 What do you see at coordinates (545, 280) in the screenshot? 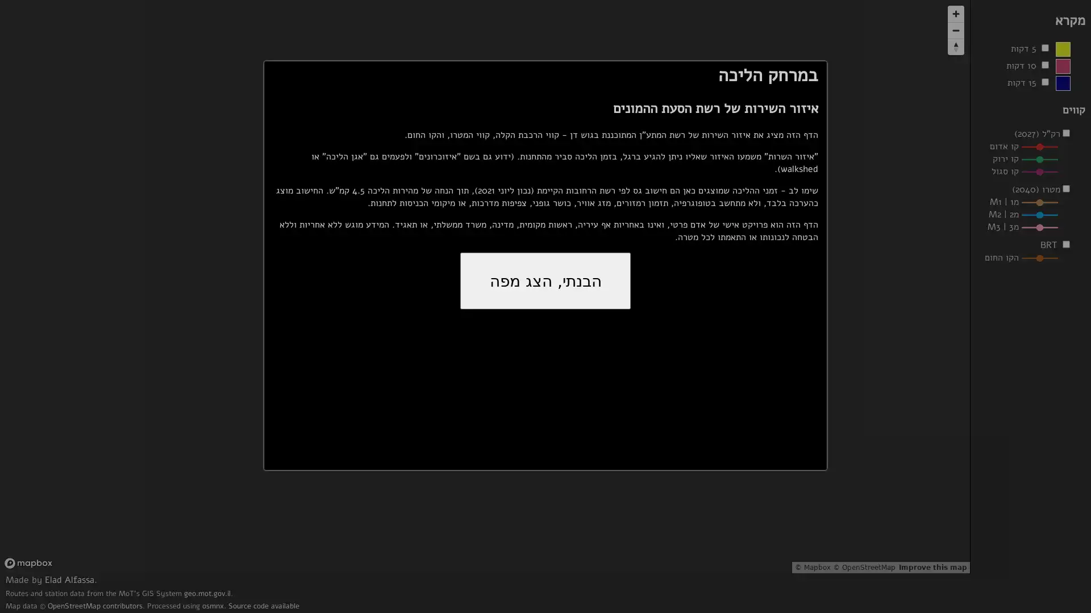
I see `,` at bounding box center [545, 280].